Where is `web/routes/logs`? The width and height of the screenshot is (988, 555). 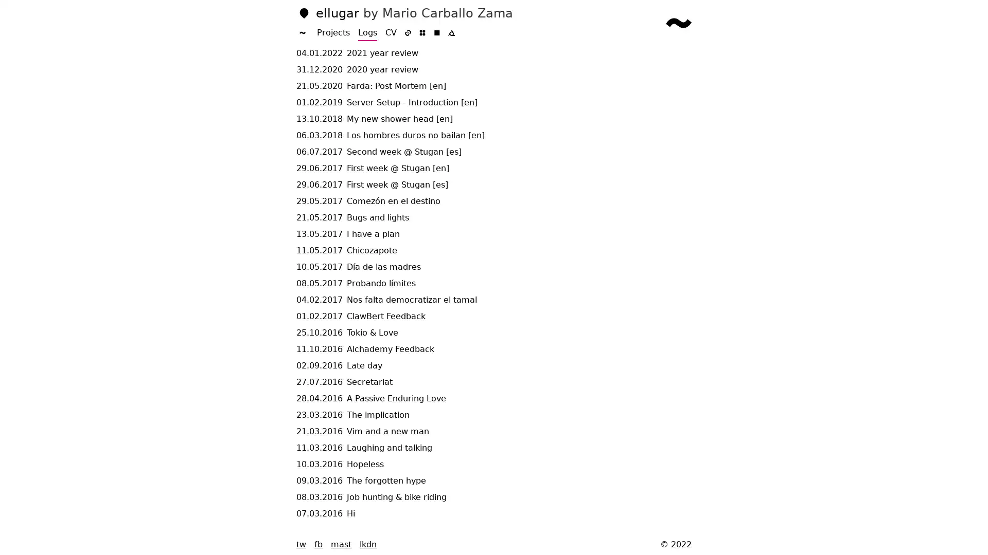 web/routes/logs is located at coordinates (679, 24).